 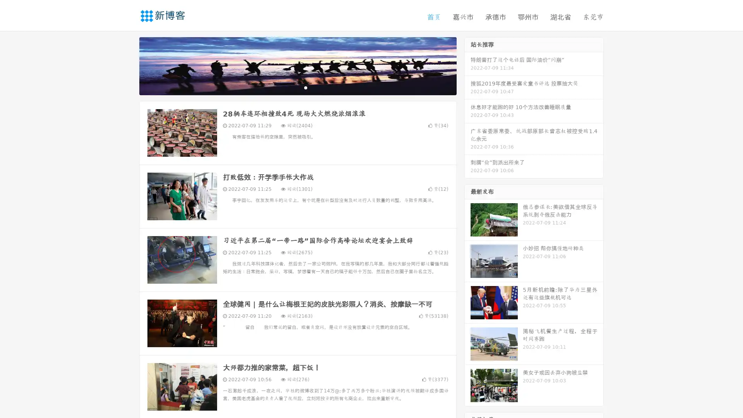 I want to click on Go to slide 1, so click(x=289, y=87).